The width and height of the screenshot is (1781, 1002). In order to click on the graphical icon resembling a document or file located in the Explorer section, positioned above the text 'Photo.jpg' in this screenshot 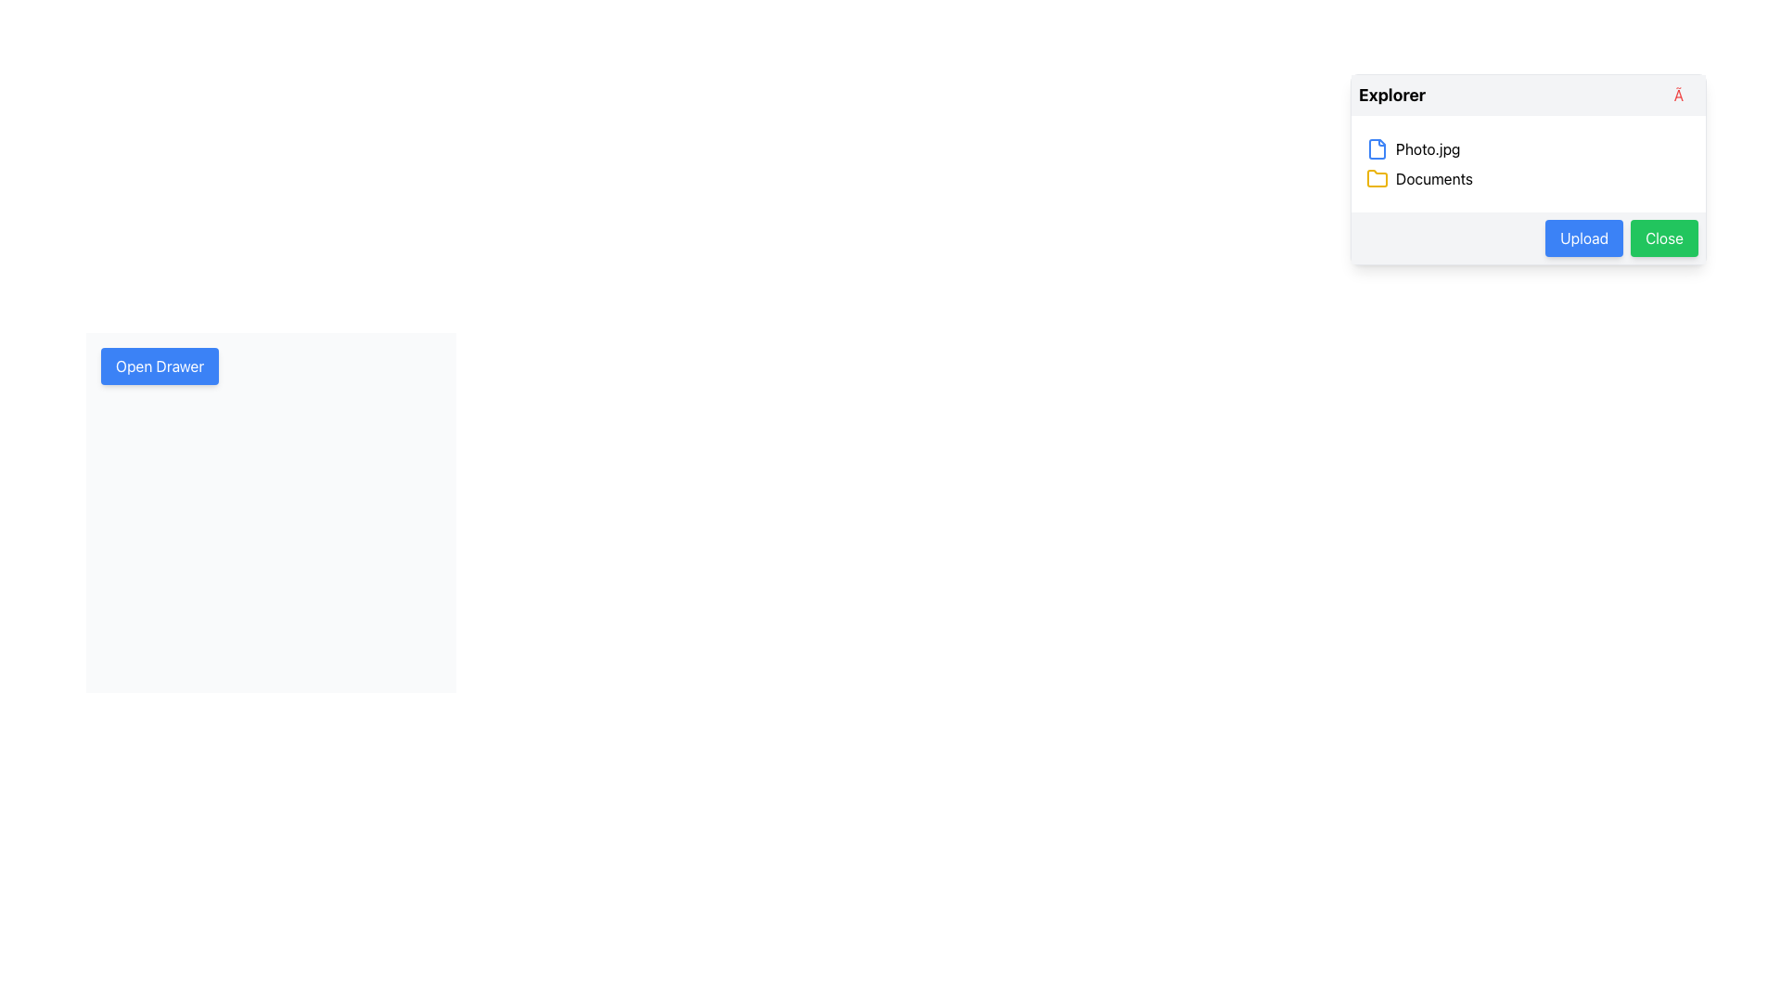, I will do `click(1377, 148)`.